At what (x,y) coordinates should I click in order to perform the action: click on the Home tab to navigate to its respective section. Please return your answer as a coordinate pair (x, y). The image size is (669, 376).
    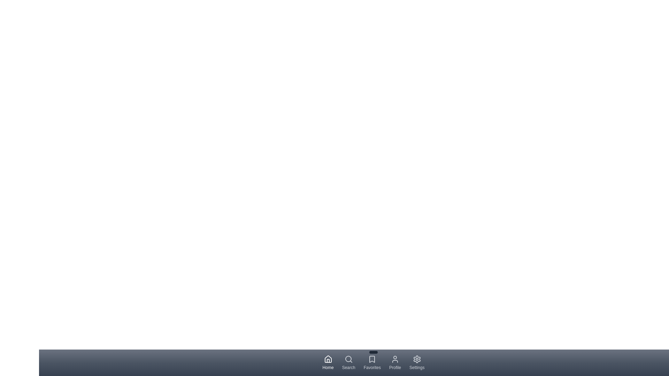
    Looking at the image, I should click on (328, 362).